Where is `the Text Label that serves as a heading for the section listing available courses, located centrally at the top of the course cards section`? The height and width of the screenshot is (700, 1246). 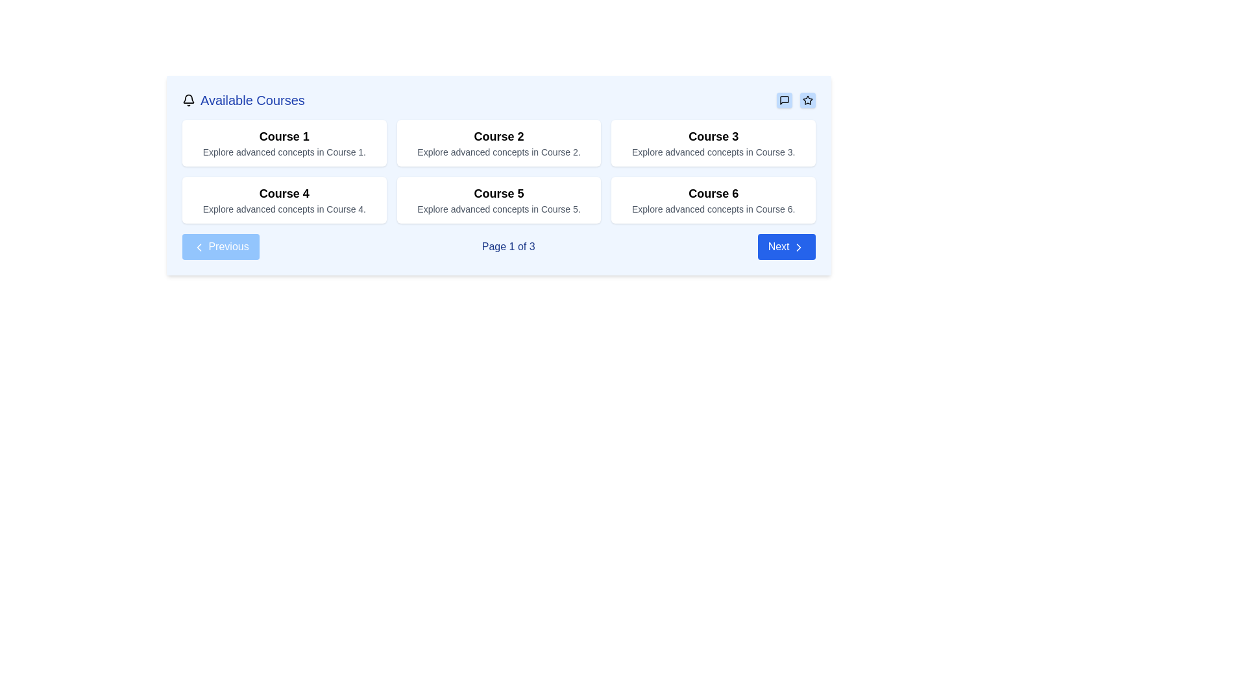
the Text Label that serves as a heading for the section listing available courses, located centrally at the top of the course cards section is located at coordinates (252, 99).